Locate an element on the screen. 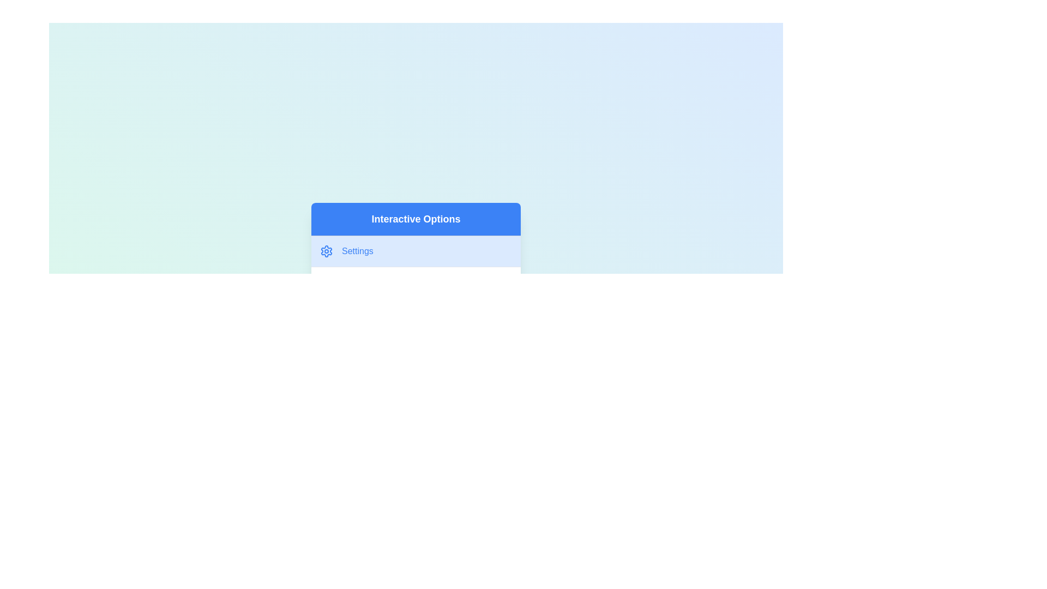  the text 'Interactive Options' displayed in the header is located at coordinates (416, 219).